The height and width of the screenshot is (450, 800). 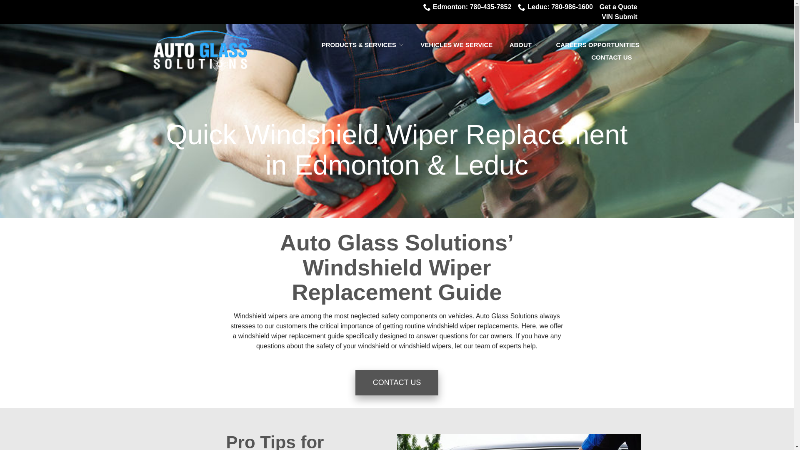 What do you see at coordinates (555, 7) in the screenshot?
I see `'Leduc: 780-986-1600'` at bounding box center [555, 7].